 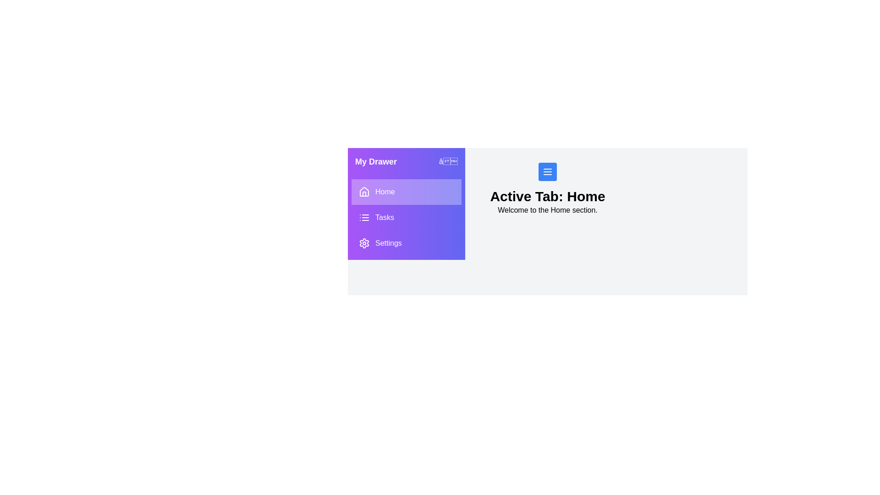 What do you see at coordinates (548, 171) in the screenshot?
I see `the menu button to open the drawer` at bounding box center [548, 171].